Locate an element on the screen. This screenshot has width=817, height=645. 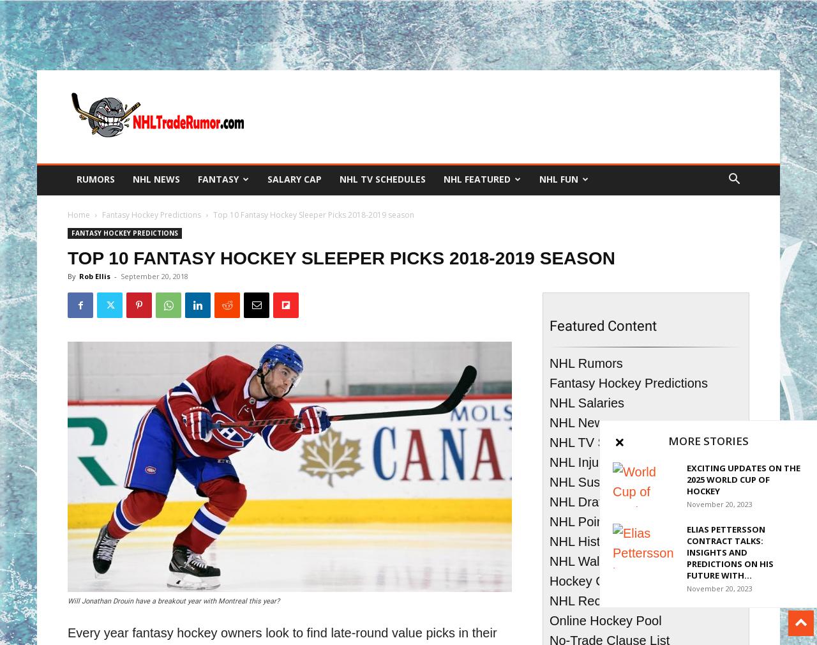
'Online Hockey Pool' is located at coordinates (550, 621).